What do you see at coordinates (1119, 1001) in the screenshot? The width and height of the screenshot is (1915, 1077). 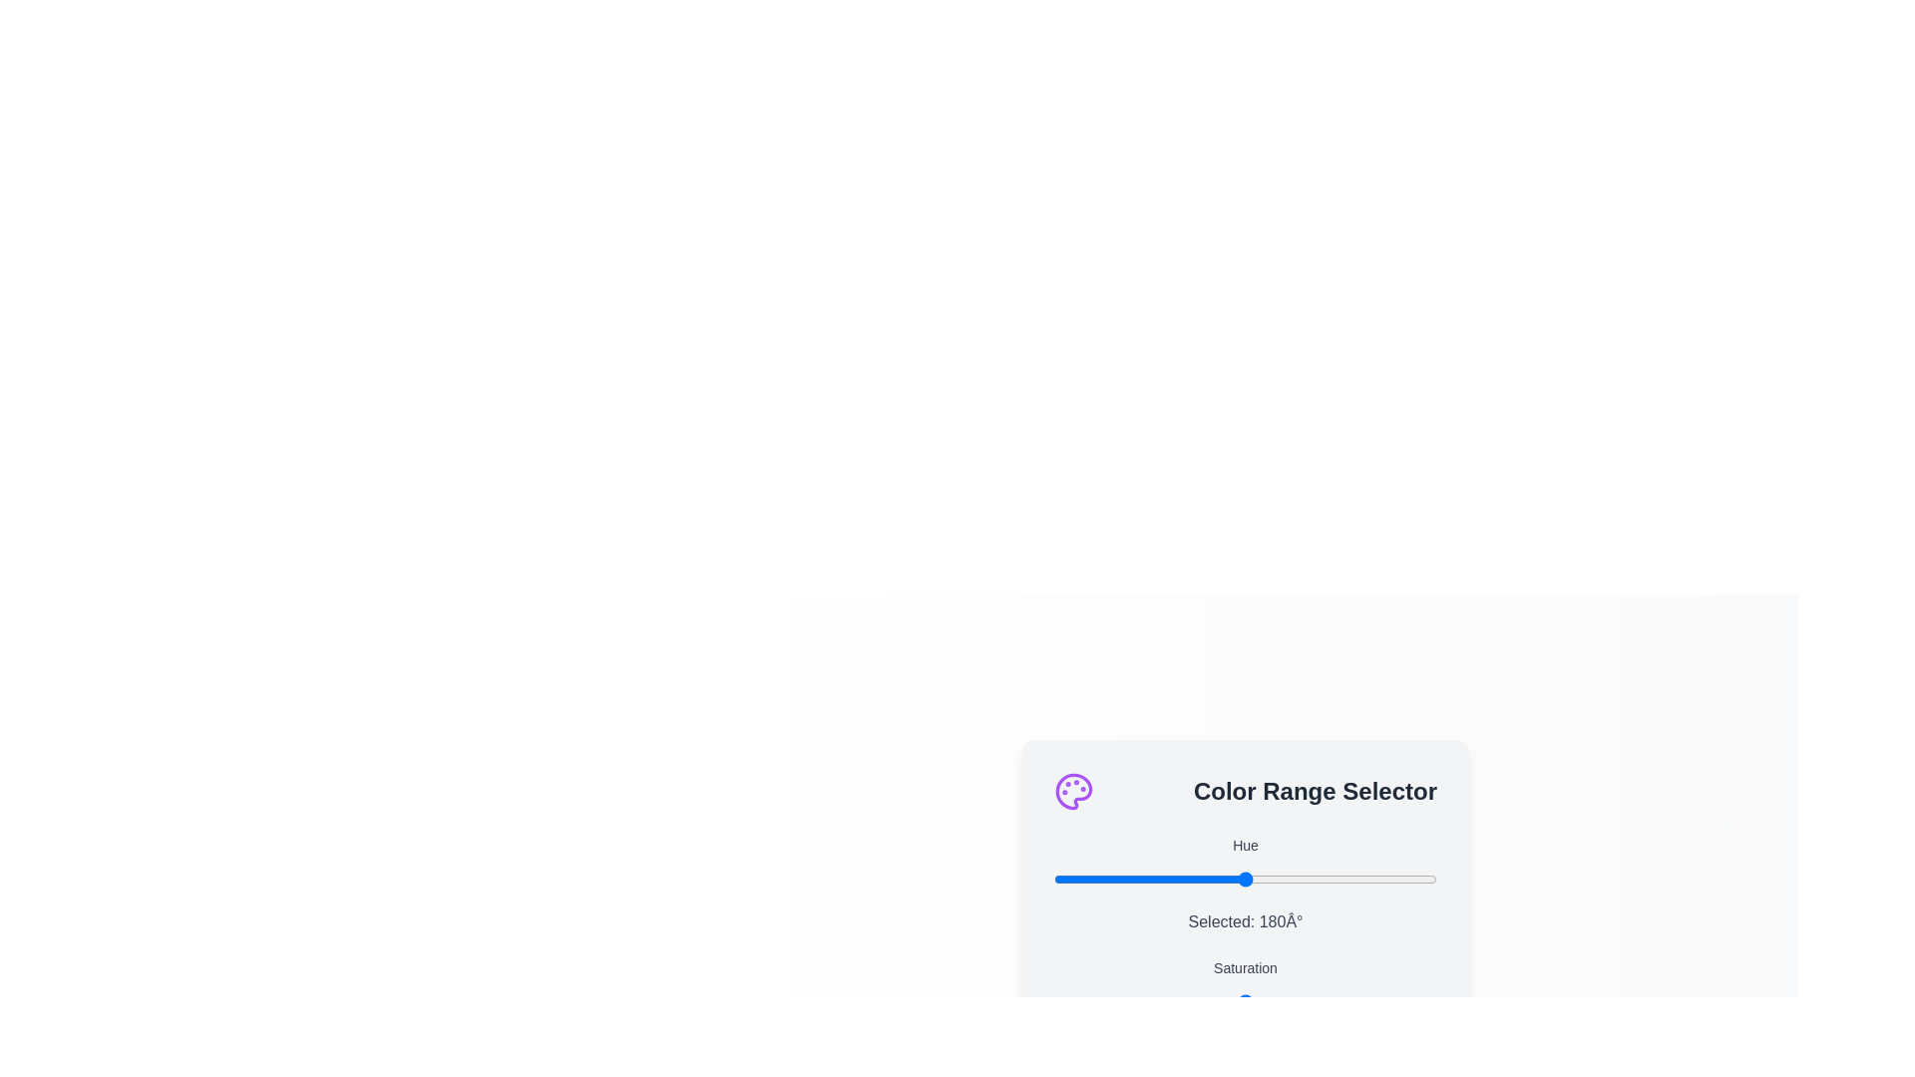 I see `the Hue value` at bounding box center [1119, 1001].